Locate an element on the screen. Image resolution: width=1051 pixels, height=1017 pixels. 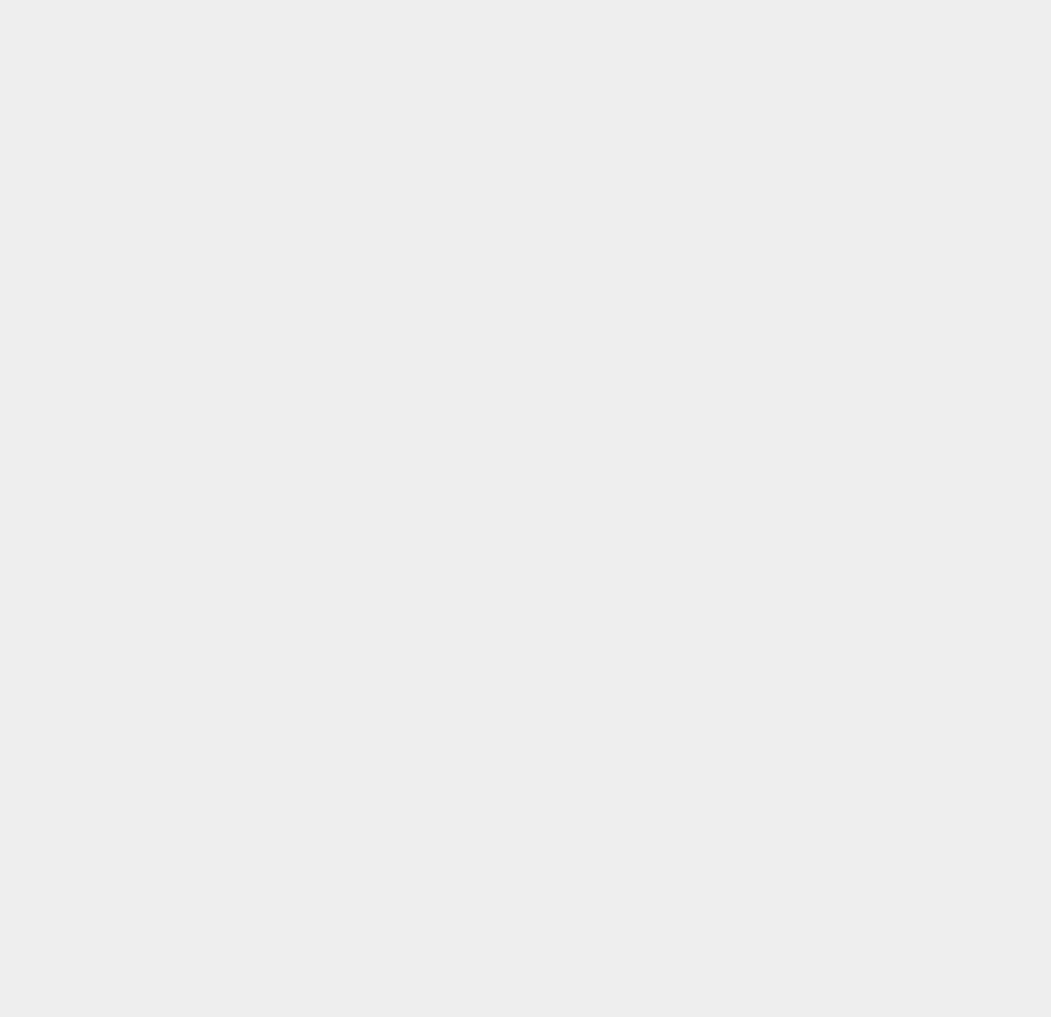
'OS X 10.10' is located at coordinates (776, 925).